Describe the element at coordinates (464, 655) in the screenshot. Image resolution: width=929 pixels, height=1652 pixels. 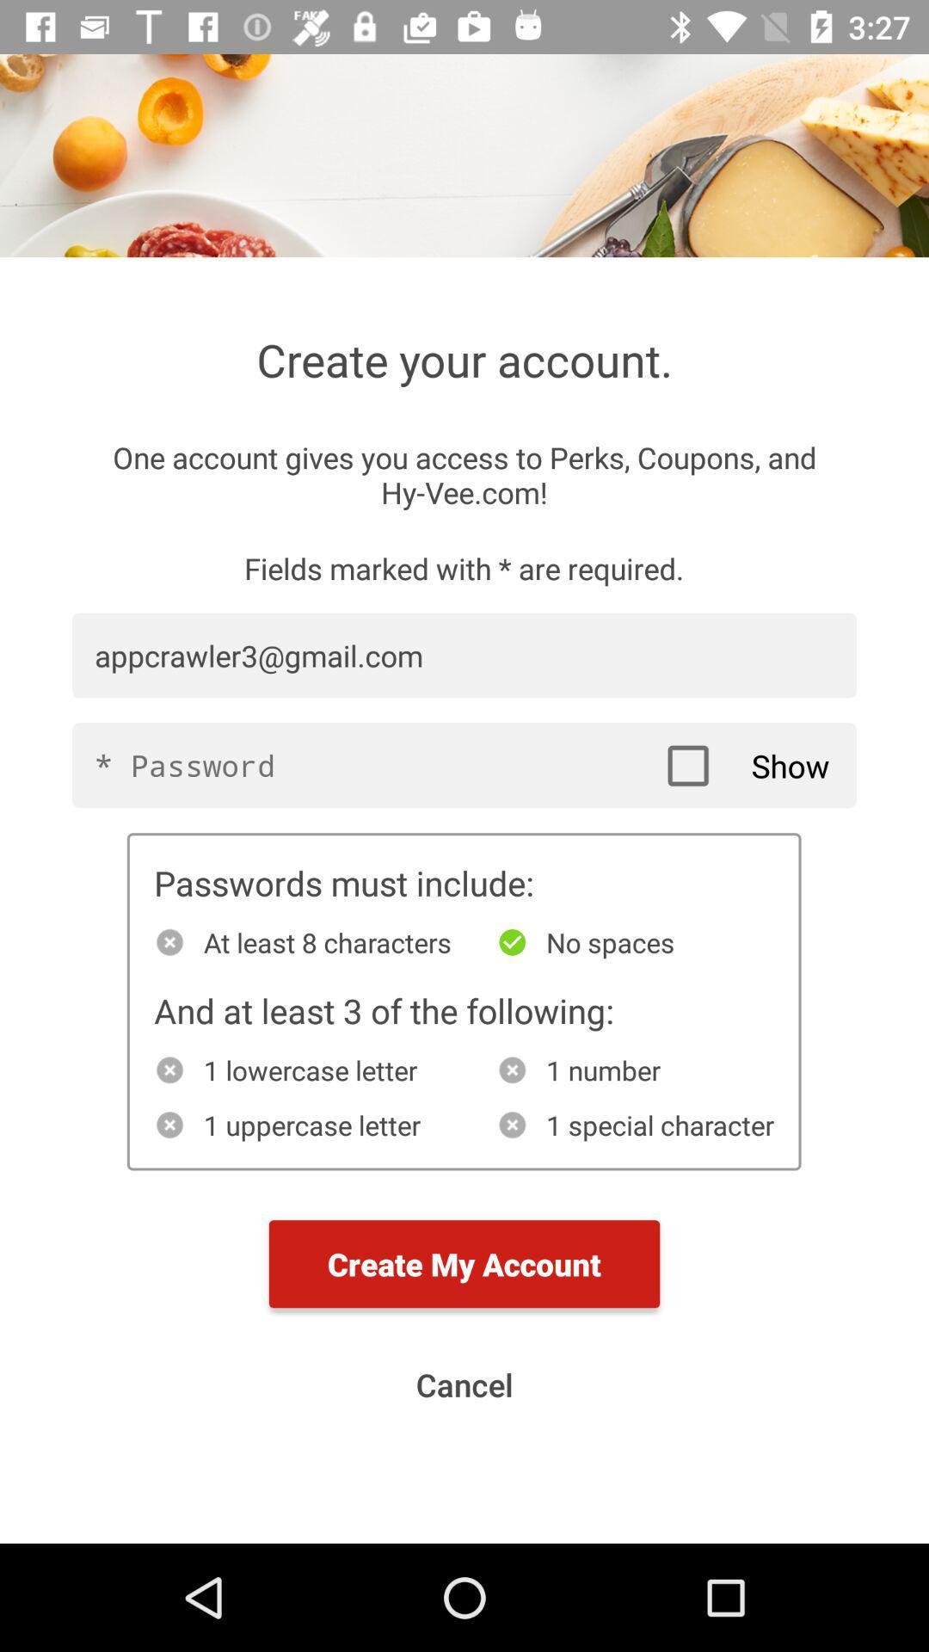
I see `gmail text field` at that location.